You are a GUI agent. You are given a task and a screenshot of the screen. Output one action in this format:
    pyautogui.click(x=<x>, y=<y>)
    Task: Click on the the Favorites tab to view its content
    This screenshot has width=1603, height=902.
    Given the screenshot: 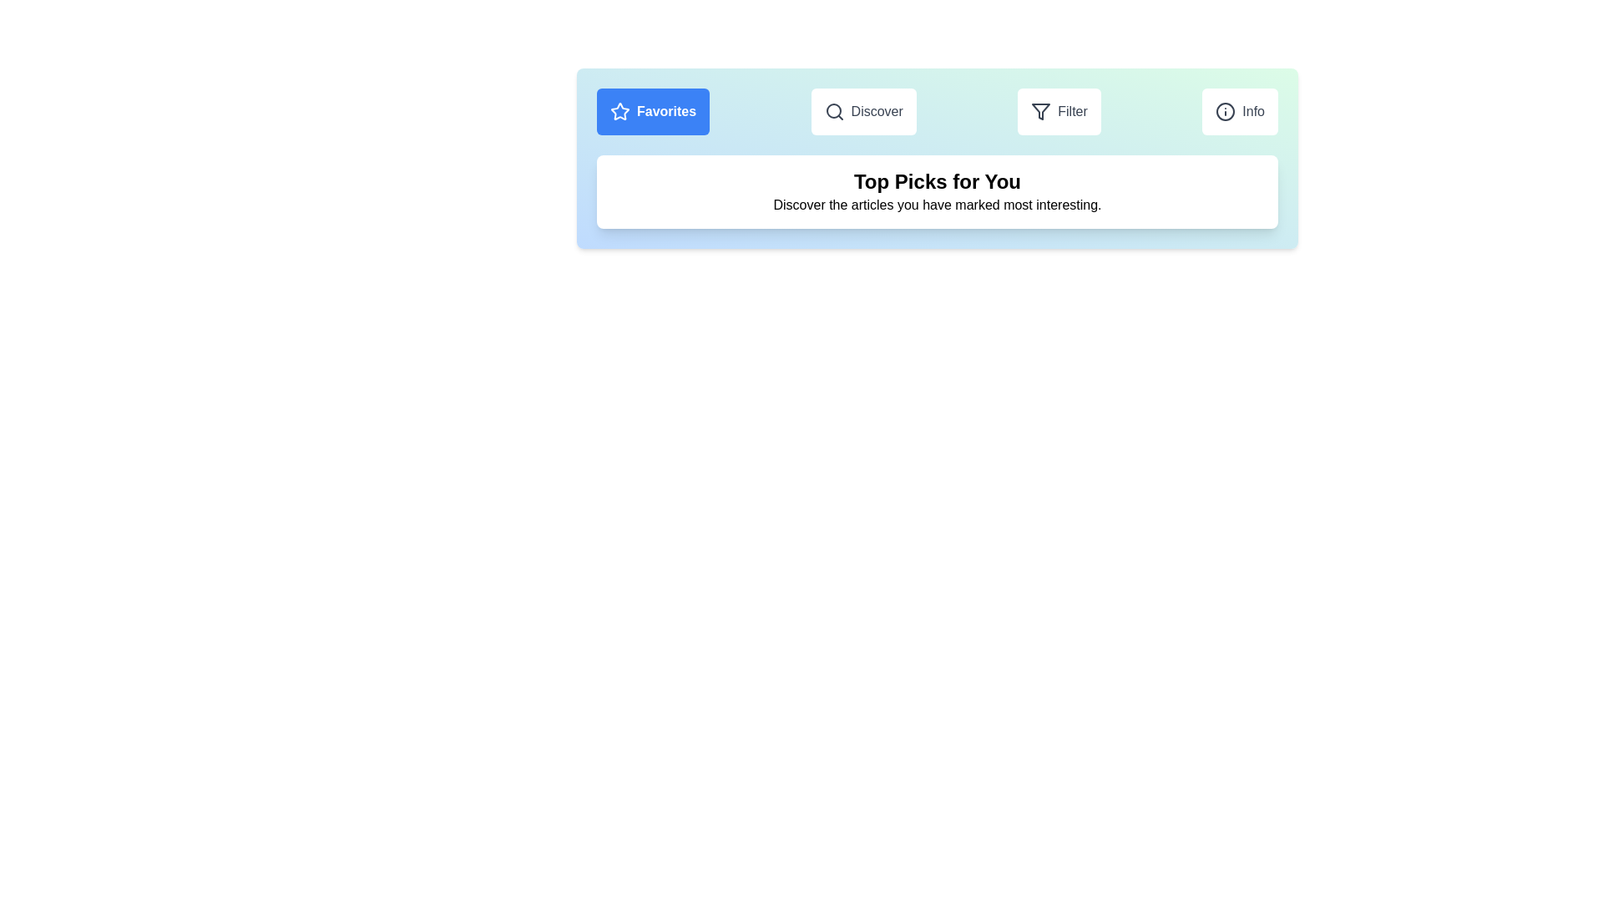 What is the action you would take?
    pyautogui.click(x=652, y=112)
    